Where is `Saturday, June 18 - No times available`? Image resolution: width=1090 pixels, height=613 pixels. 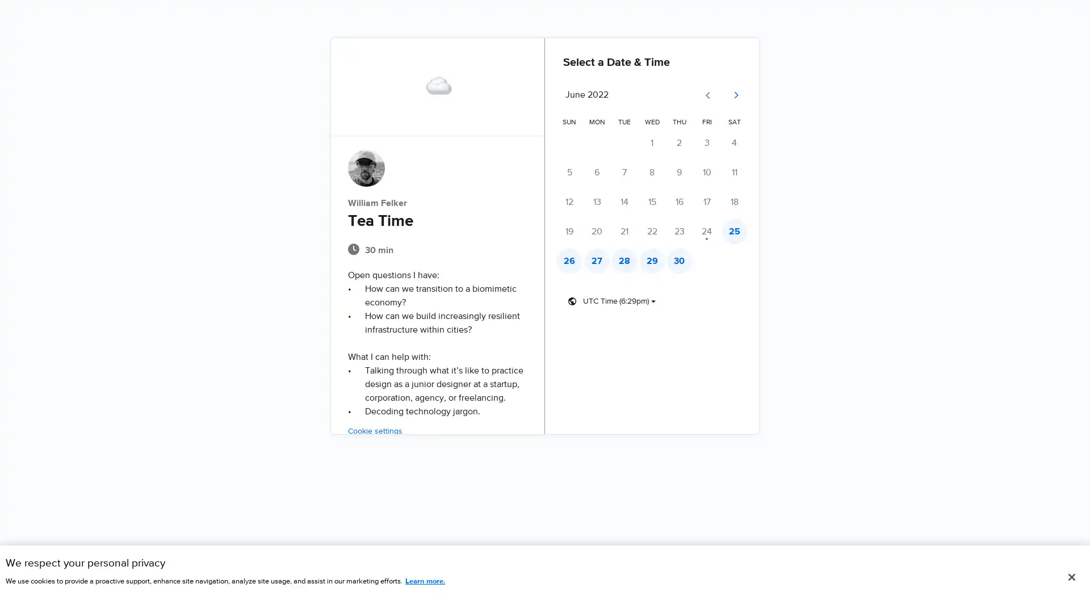 Saturday, June 18 - No times available is located at coordinates (746, 201).